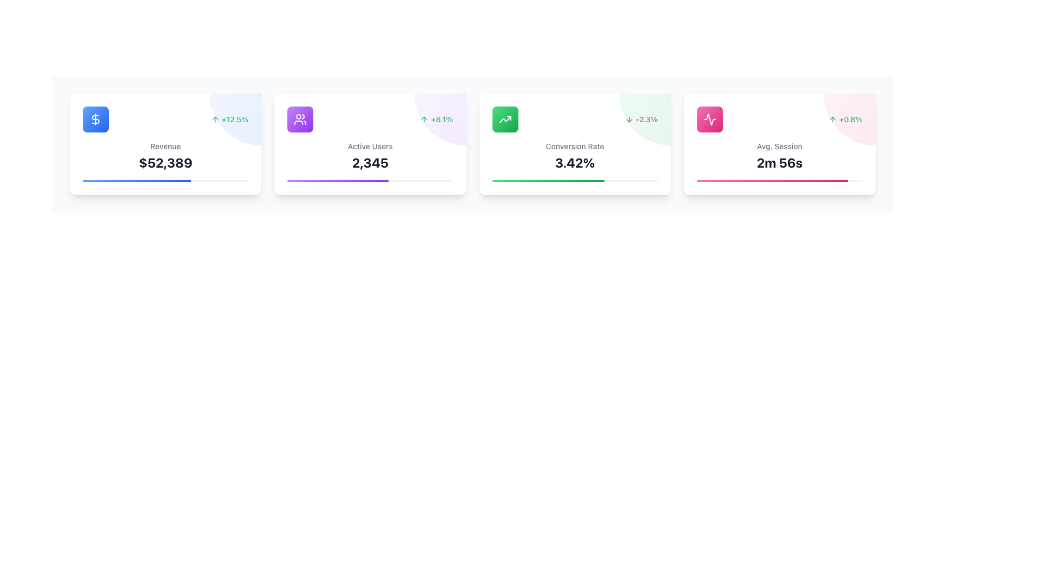  What do you see at coordinates (300, 119) in the screenshot?
I see `the 'Active Users' icon with a gradient background located at the top-left corner of the second card, which visually represents the concept of active users` at bounding box center [300, 119].